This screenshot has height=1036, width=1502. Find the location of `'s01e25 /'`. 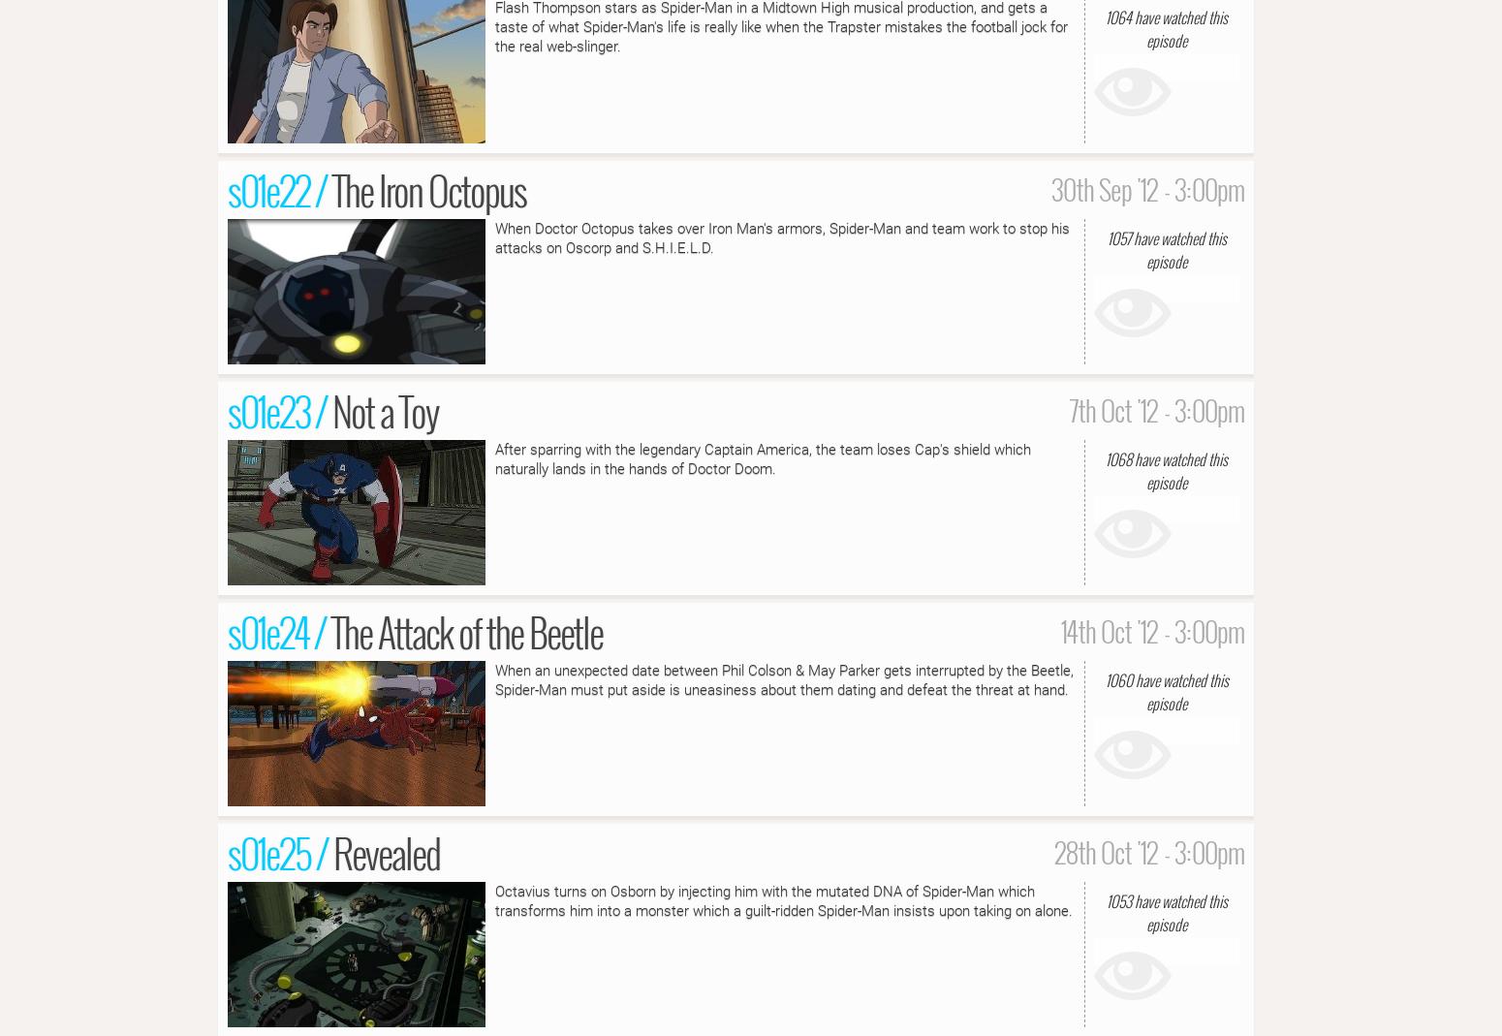

's01e25 /' is located at coordinates (280, 851).